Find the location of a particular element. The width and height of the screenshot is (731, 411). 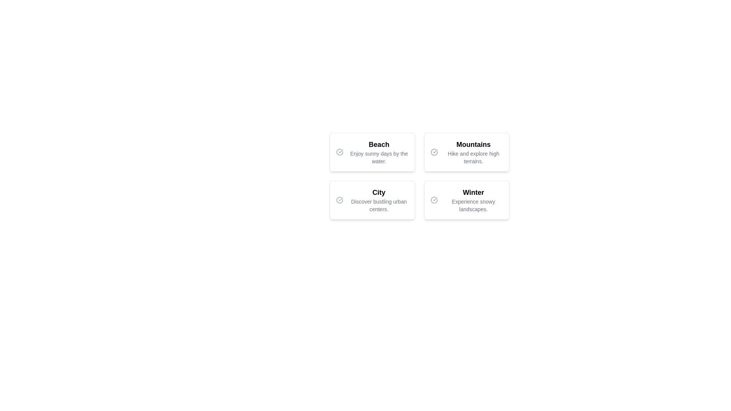

the descriptive text label that provides additional details about 'Mountains', which is centrally aligned in the top-right card of the grid layout is located at coordinates (473, 157).